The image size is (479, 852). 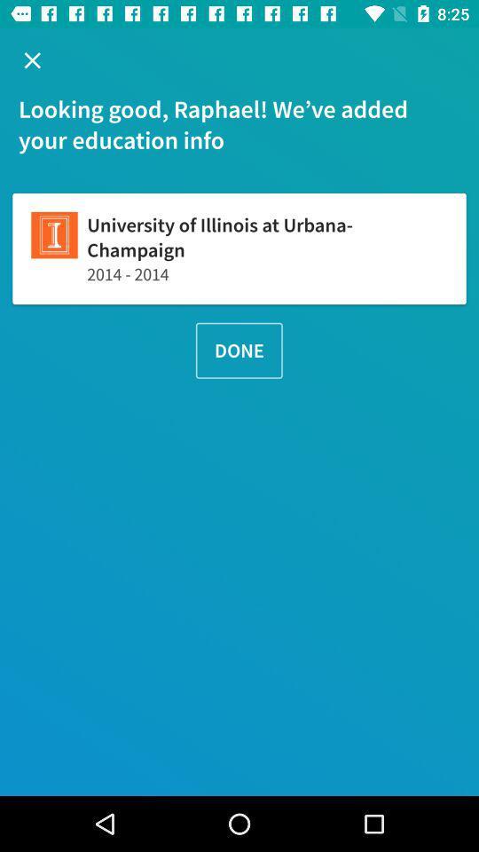 I want to click on the icon at the center, so click(x=239, y=350).